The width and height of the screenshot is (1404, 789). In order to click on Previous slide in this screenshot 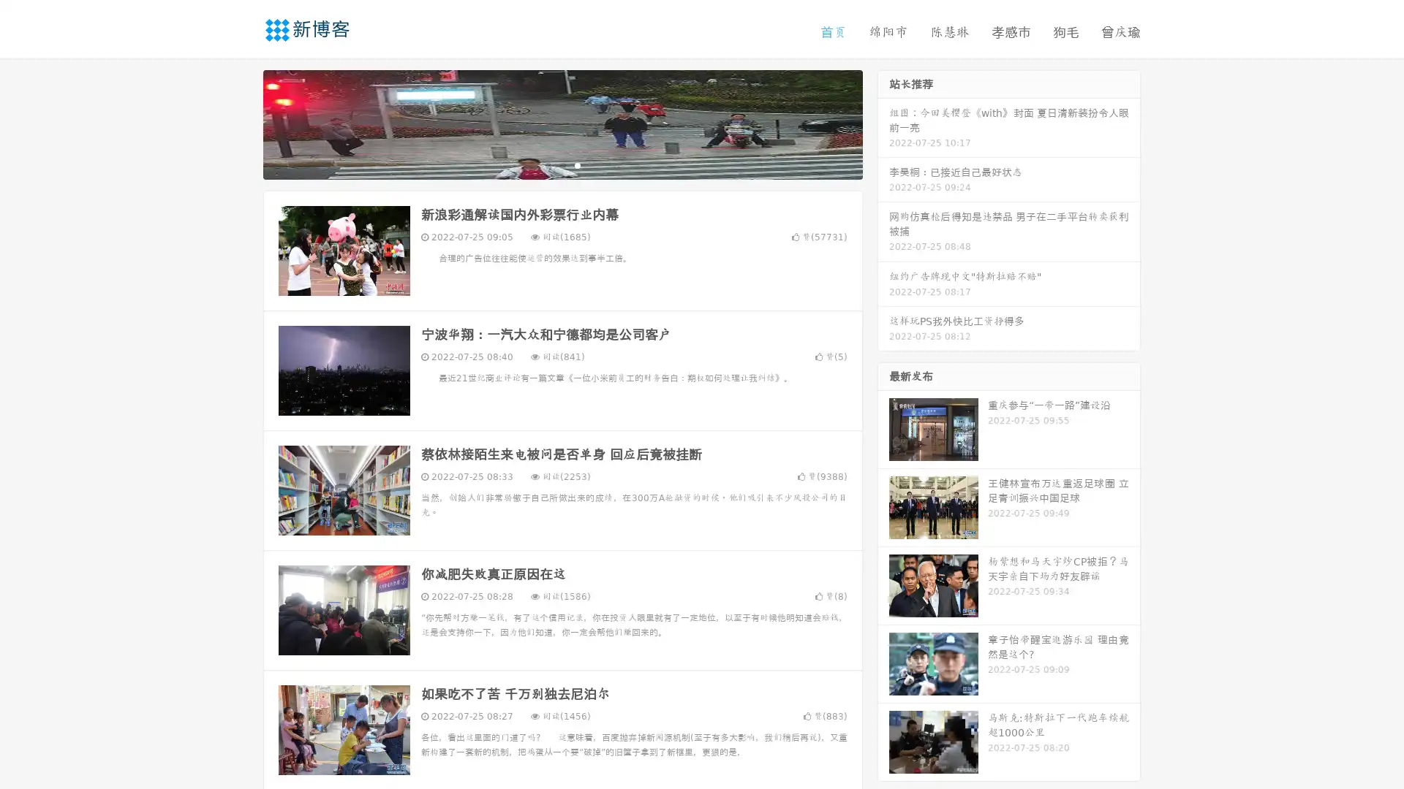, I will do `click(241, 123)`.